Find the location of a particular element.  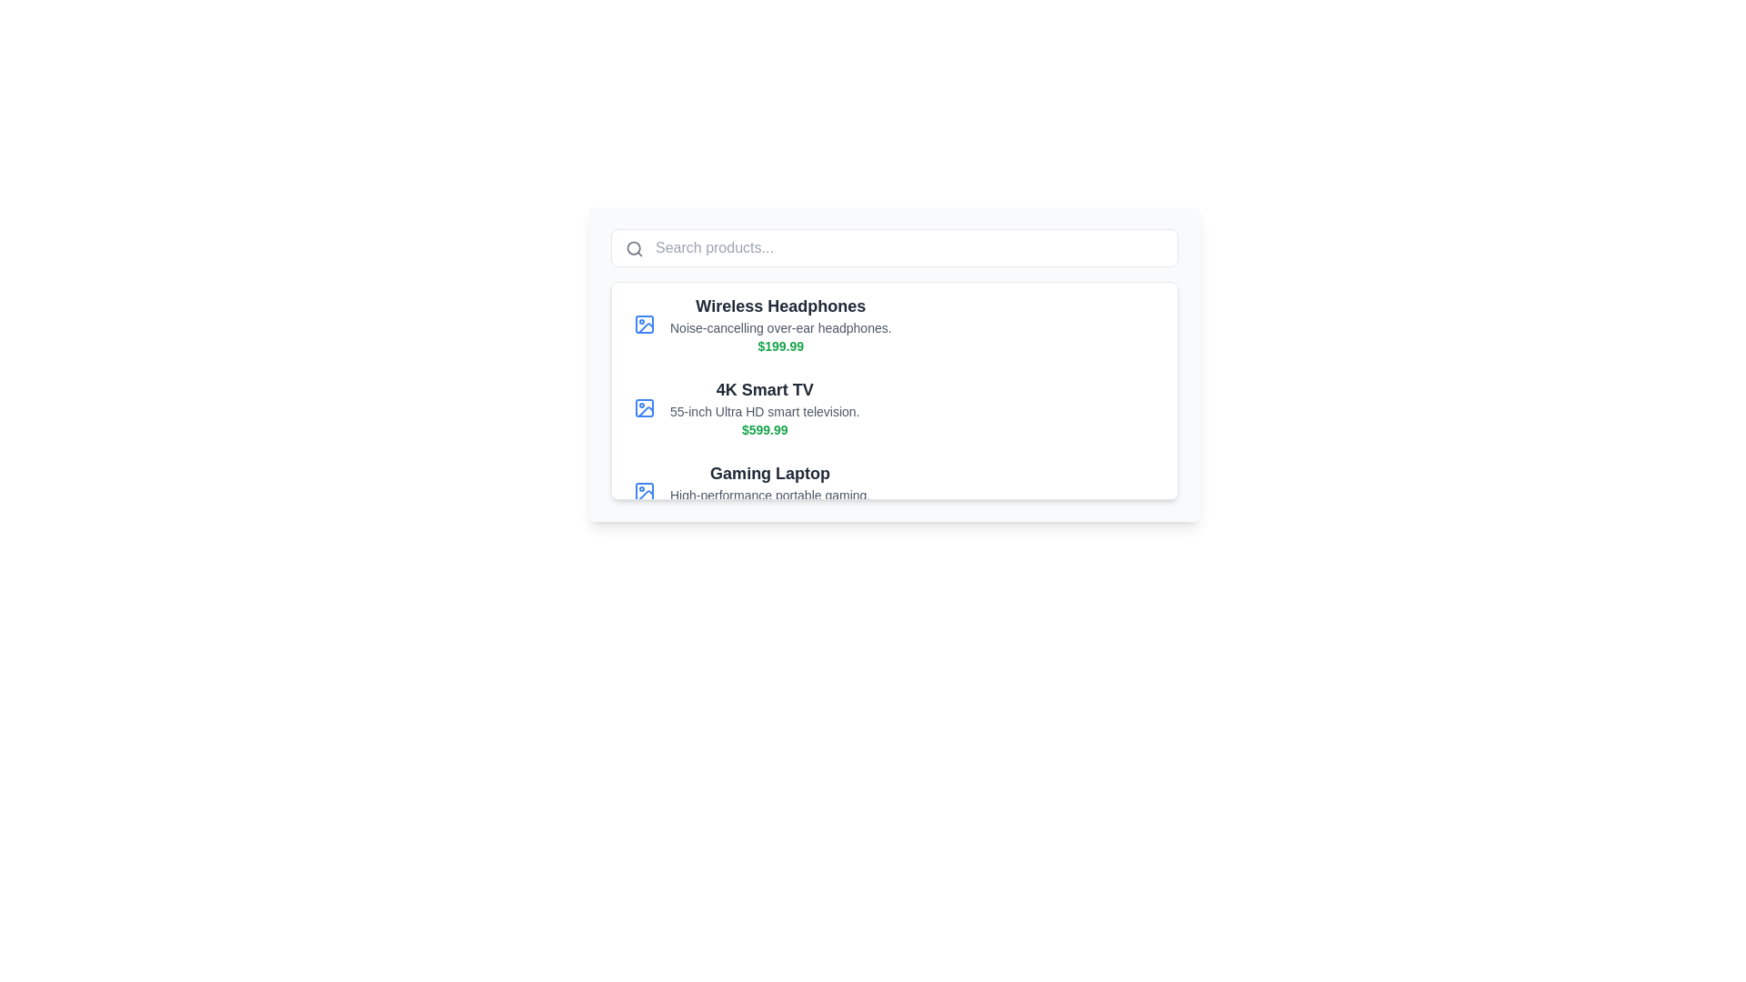

the first blue square icon with rounded edges that represents a product, located to the left of the 'Gaming Laptop' text is located at coordinates (645, 491).